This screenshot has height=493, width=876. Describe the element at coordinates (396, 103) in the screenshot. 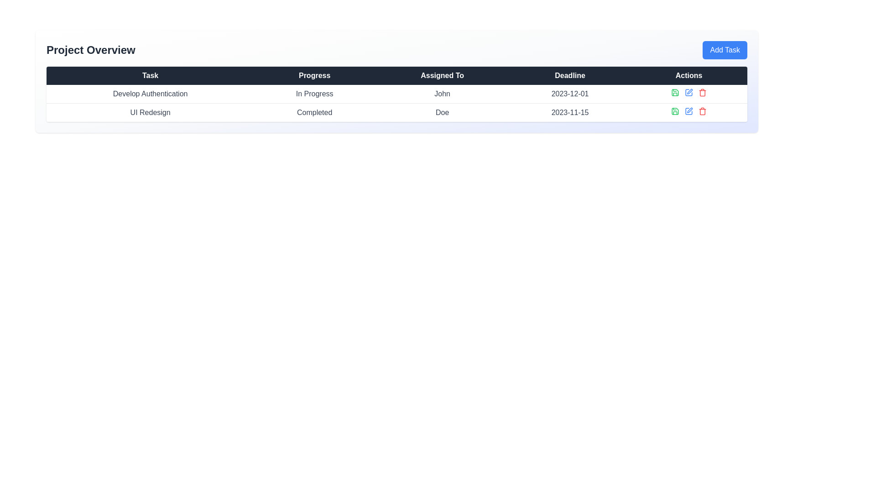

I see `the first table row containing the task 'Develop Authentication', which displays its progress as 'In Progress', assigned to 'John', and has a deadline of '2023-12-01'` at that location.